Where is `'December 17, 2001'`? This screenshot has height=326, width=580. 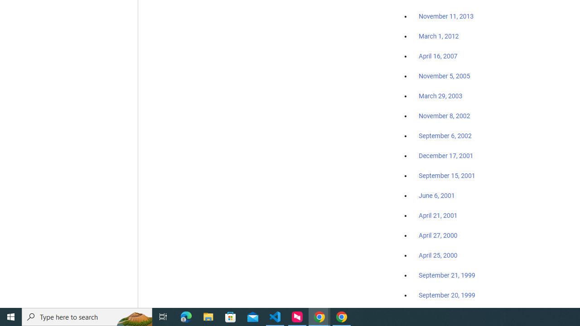 'December 17, 2001' is located at coordinates (446, 155).